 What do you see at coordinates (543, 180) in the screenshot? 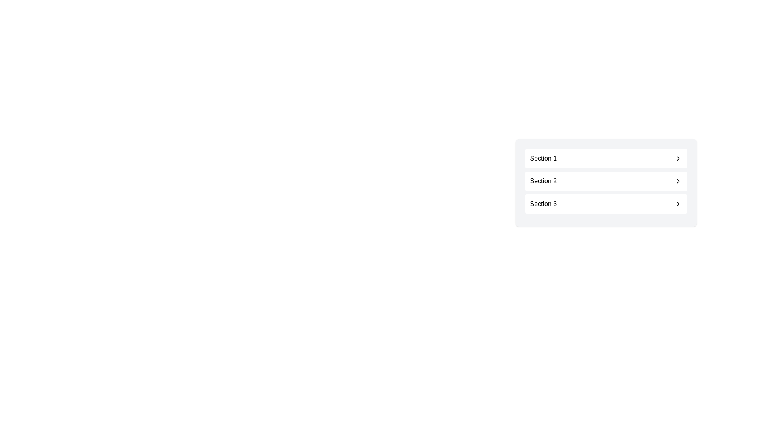
I see `the text label 'Section 2'` at bounding box center [543, 180].